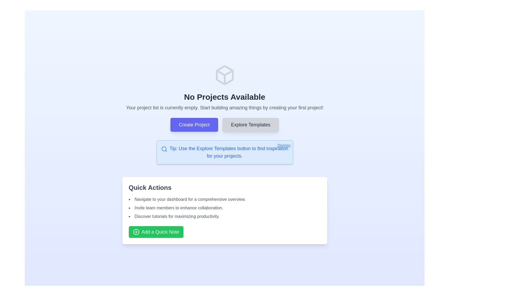 Image resolution: width=512 pixels, height=288 pixels. I want to click on the decorative graphical icon located at the top-center of the page above the title text 'No Projects Available', so click(225, 75).